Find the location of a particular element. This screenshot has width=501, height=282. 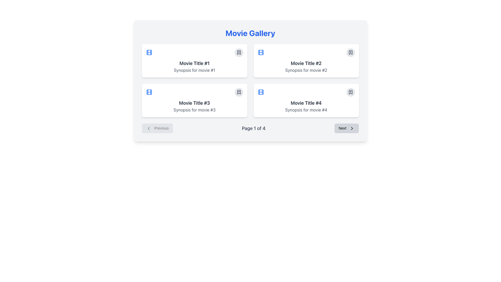

the movie icon located at the top-left corner of the third content card in the bottom-left position of the grid is located at coordinates (149, 92).